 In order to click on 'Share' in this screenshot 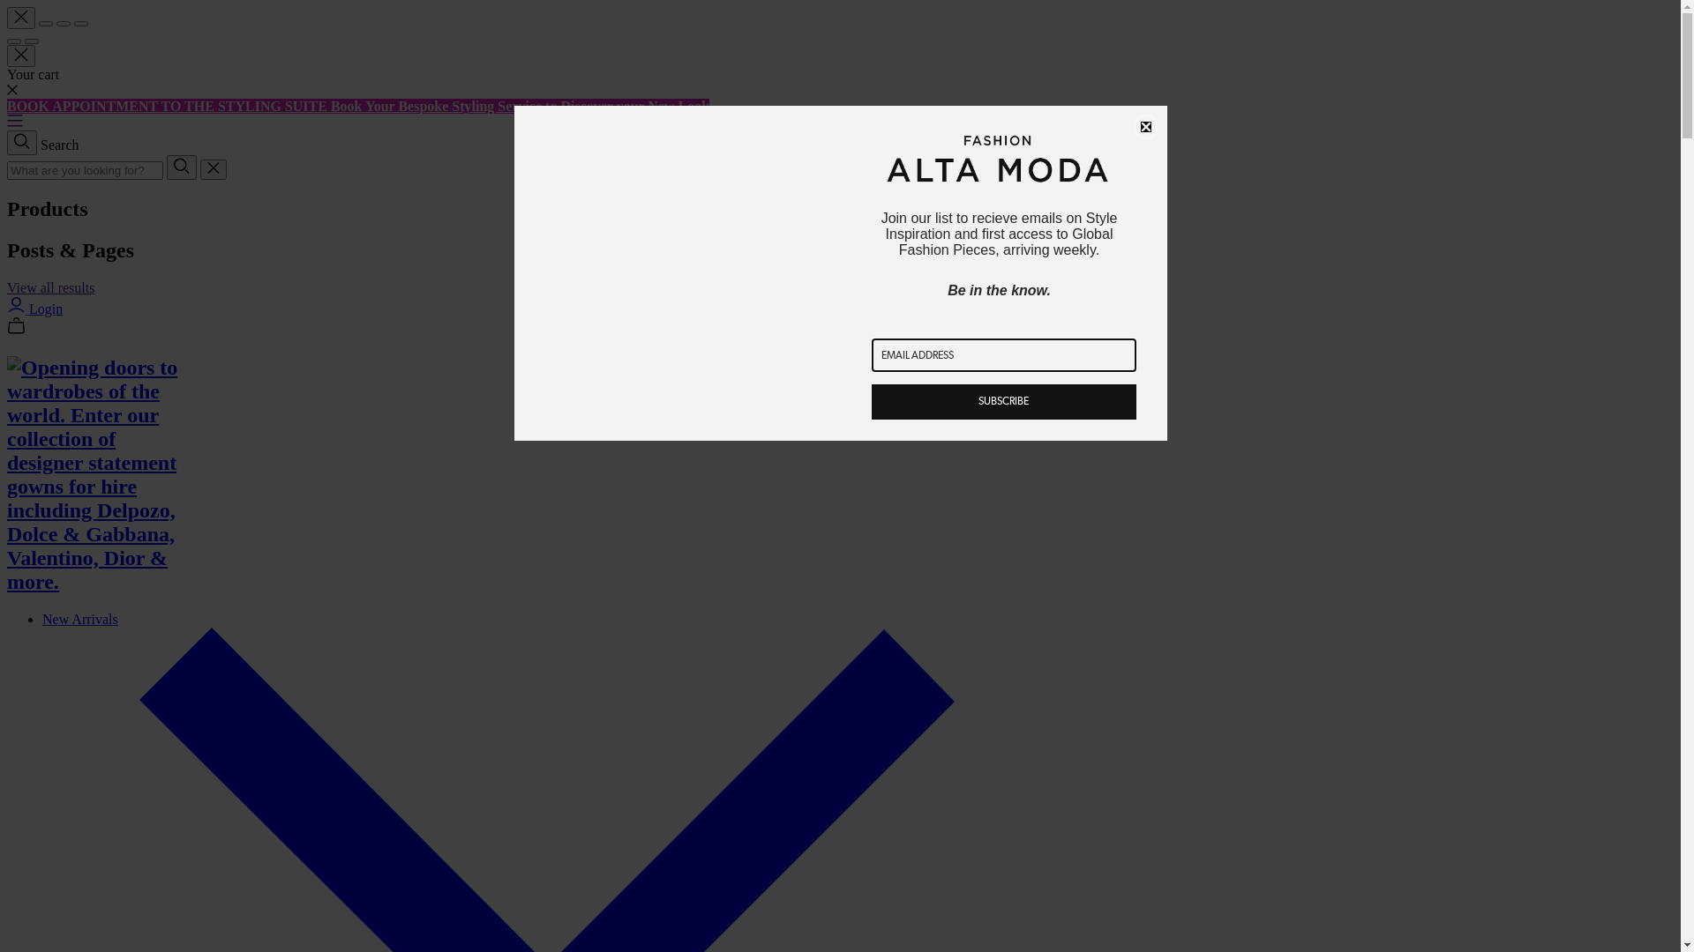, I will do `click(46, 24)`.